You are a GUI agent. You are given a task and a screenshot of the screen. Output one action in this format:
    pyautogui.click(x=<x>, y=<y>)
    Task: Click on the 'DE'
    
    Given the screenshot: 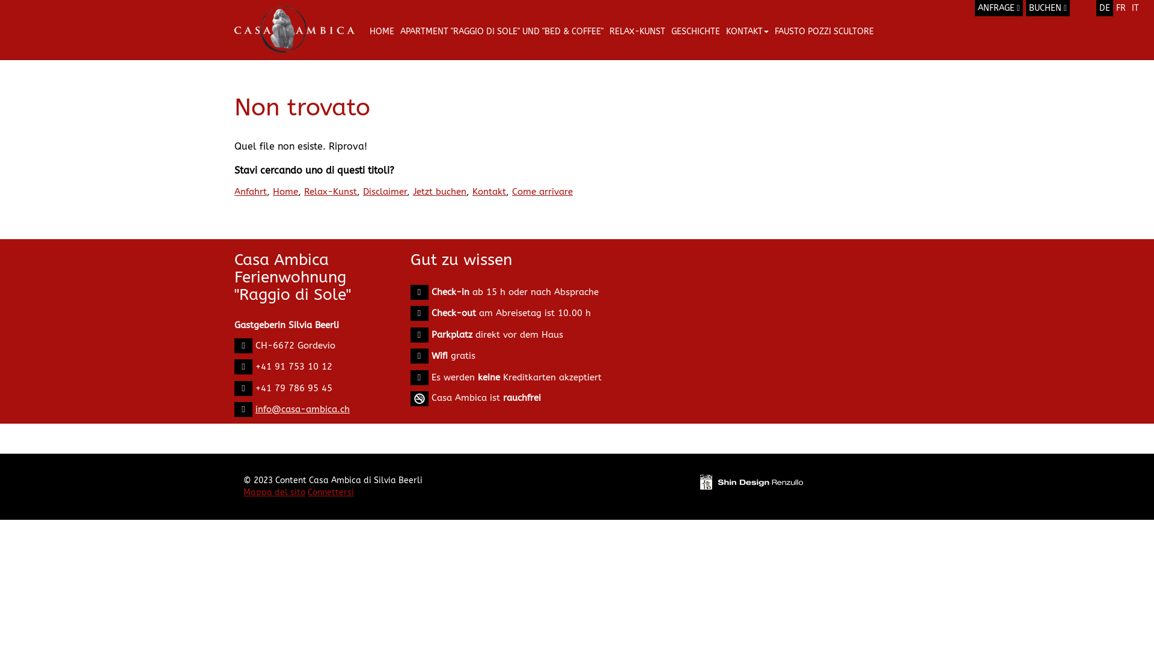 What is the action you would take?
    pyautogui.click(x=1105, y=8)
    